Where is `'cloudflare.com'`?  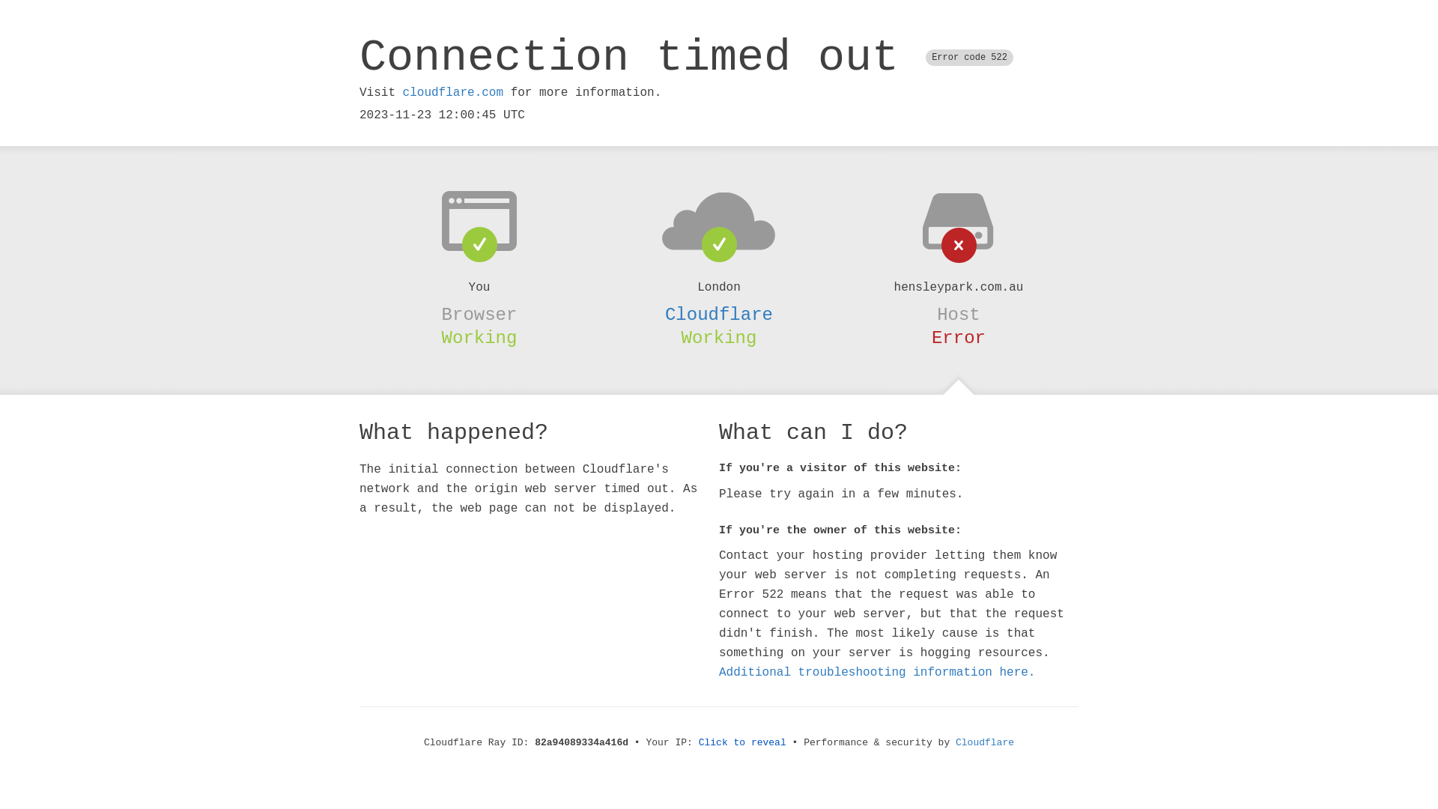 'cloudflare.com' is located at coordinates (452, 92).